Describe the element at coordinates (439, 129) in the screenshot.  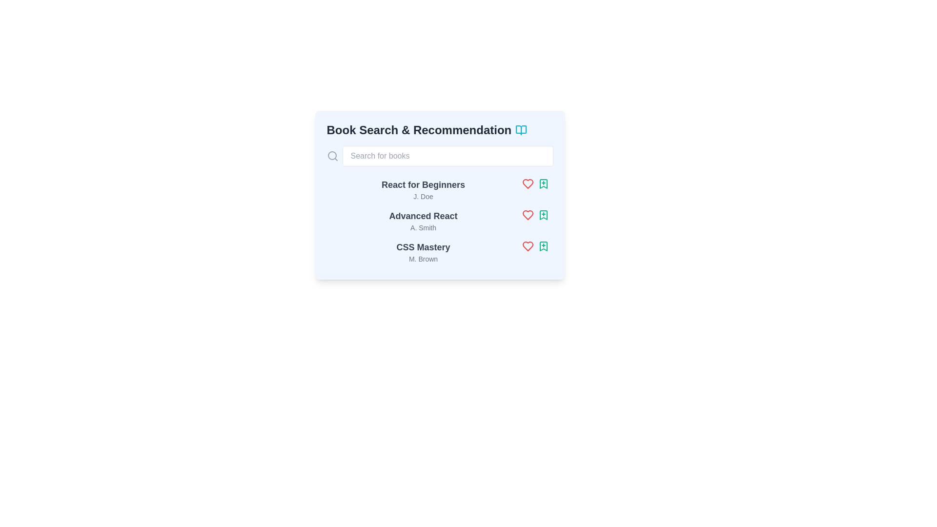
I see `the title header for the book search and recommendations module, which is located at the center of the bounding box near the top of the section` at that location.